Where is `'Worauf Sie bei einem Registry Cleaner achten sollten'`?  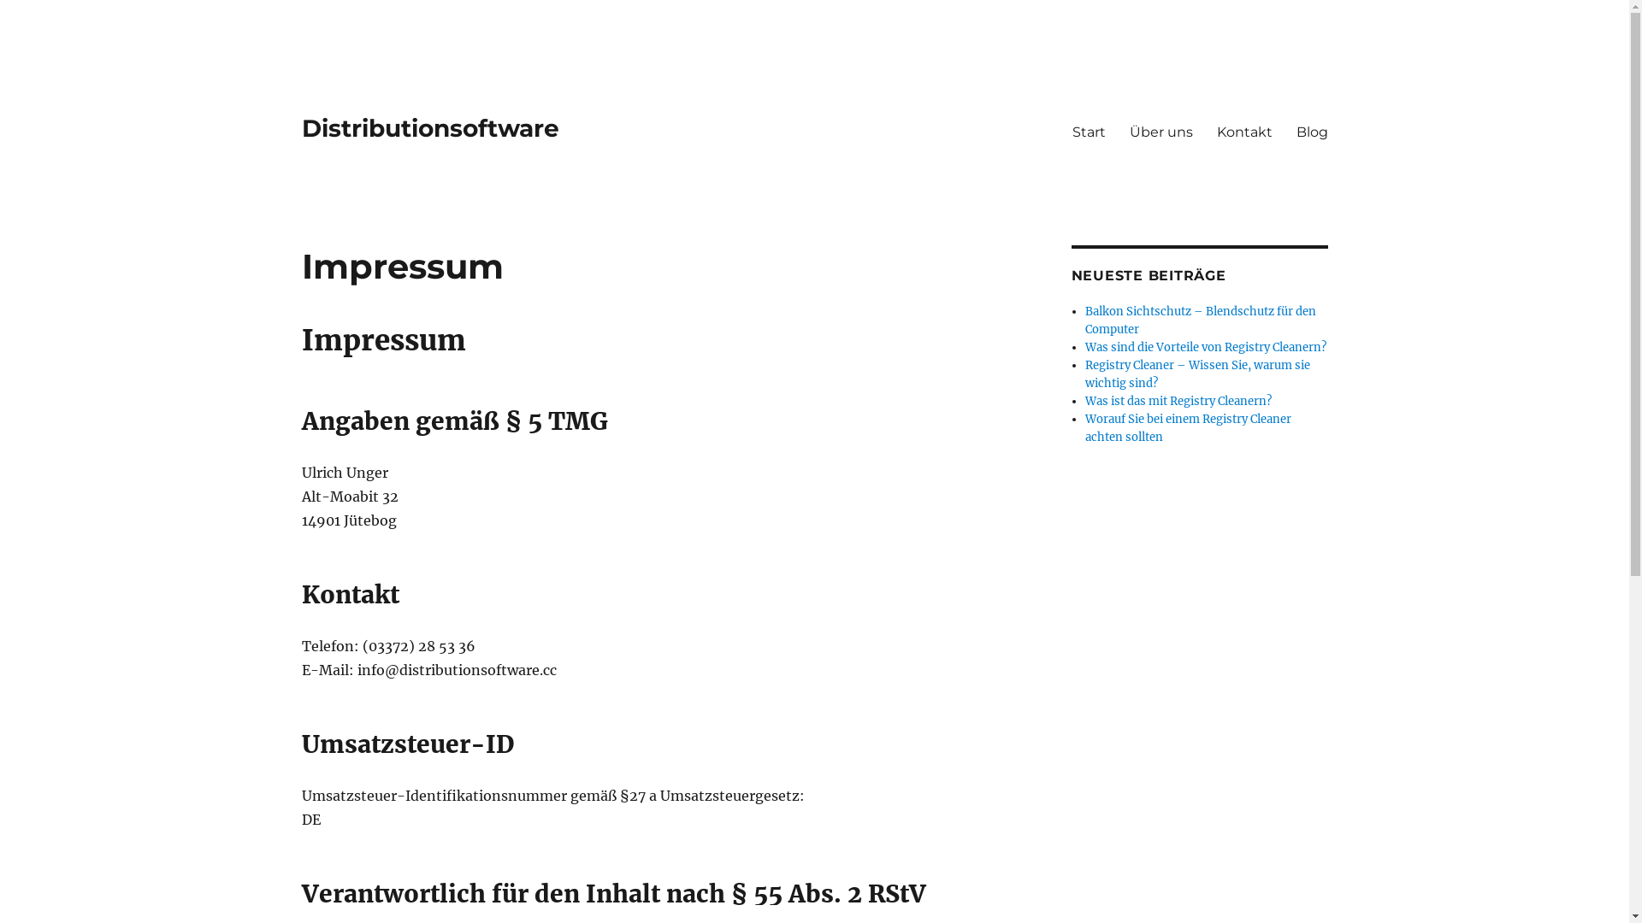 'Worauf Sie bei einem Registry Cleaner achten sollten' is located at coordinates (1187, 427).